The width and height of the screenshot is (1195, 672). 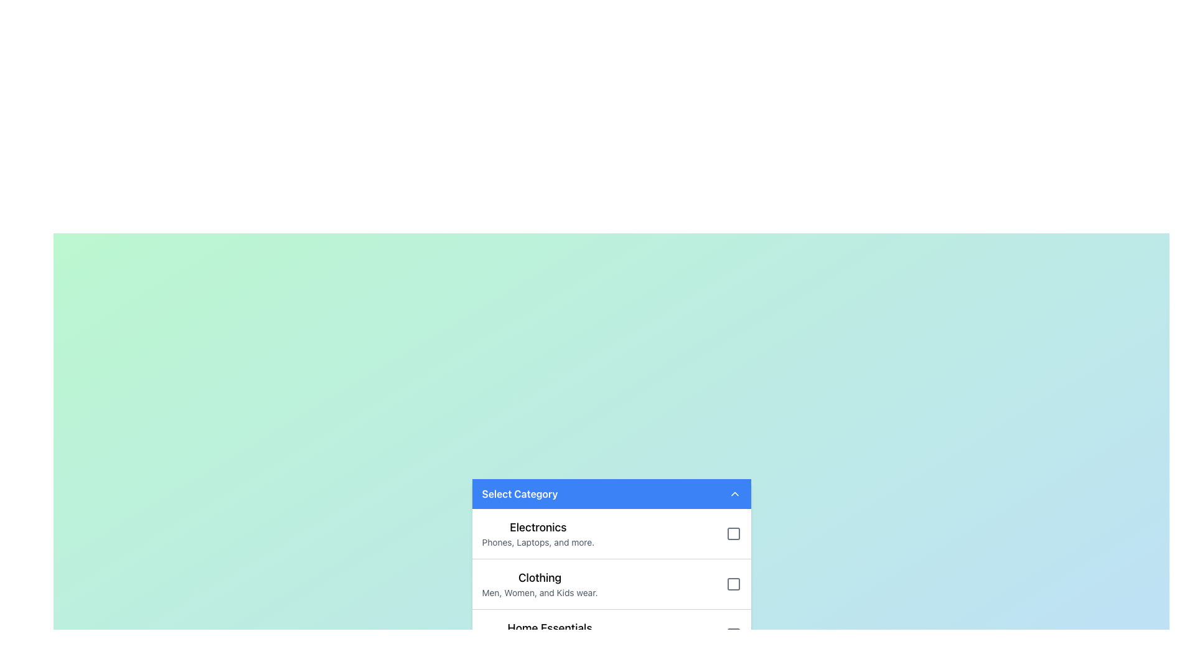 What do you see at coordinates (549, 628) in the screenshot?
I see `the 'Home Essentials' text label, which is the third entry in the category list under 'Select Category'` at bounding box center [549, 628].